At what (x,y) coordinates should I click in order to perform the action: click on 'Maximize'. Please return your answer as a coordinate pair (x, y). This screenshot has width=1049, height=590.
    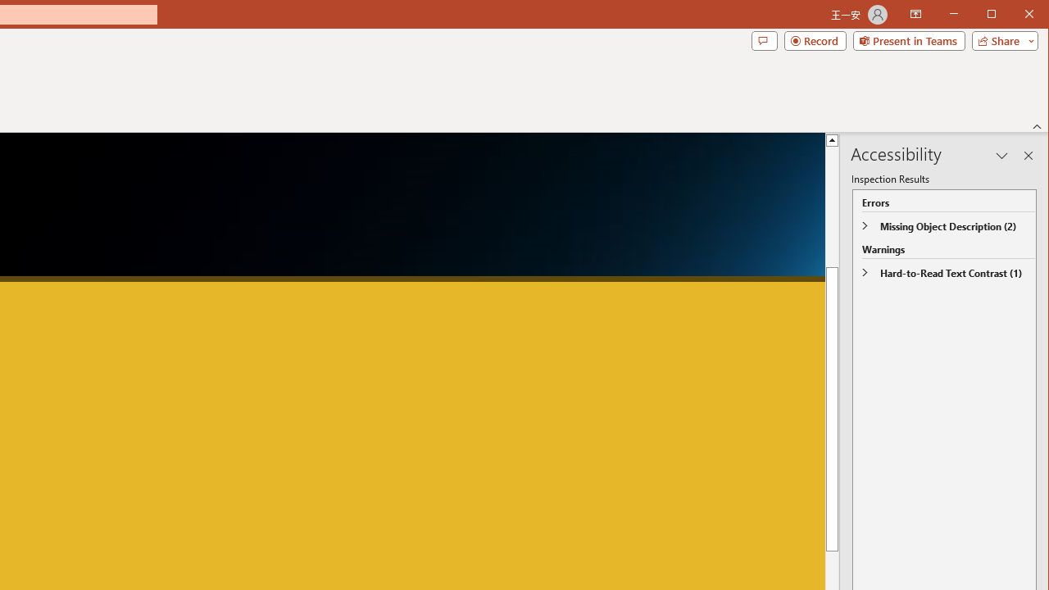
    Looking at the image, I should click on (1015, 16).